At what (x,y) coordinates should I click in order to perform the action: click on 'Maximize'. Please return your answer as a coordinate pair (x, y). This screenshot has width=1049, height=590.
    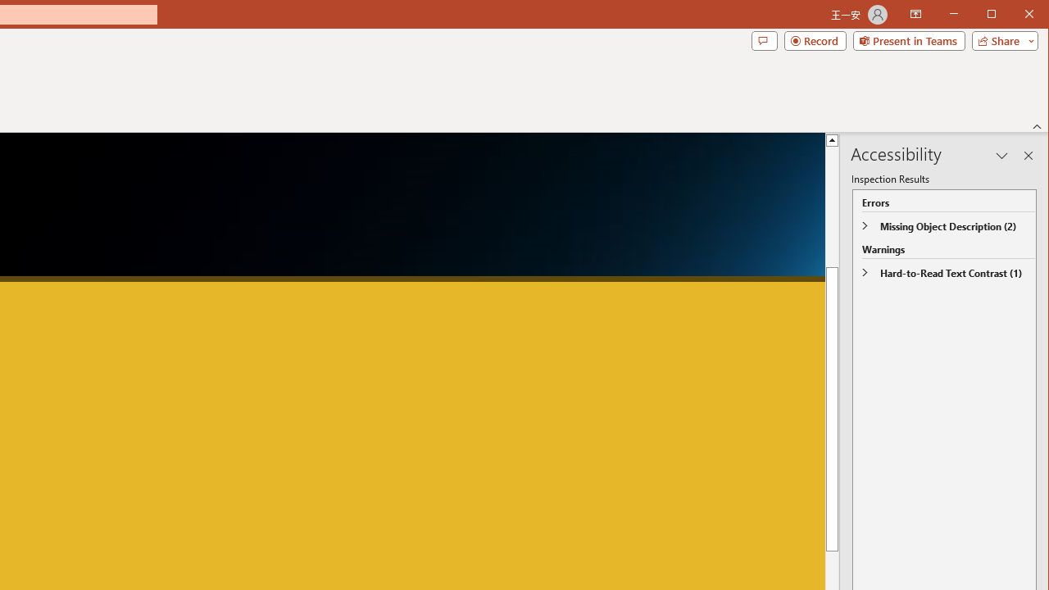
    Looking at the image, I should click on (1015, 16).